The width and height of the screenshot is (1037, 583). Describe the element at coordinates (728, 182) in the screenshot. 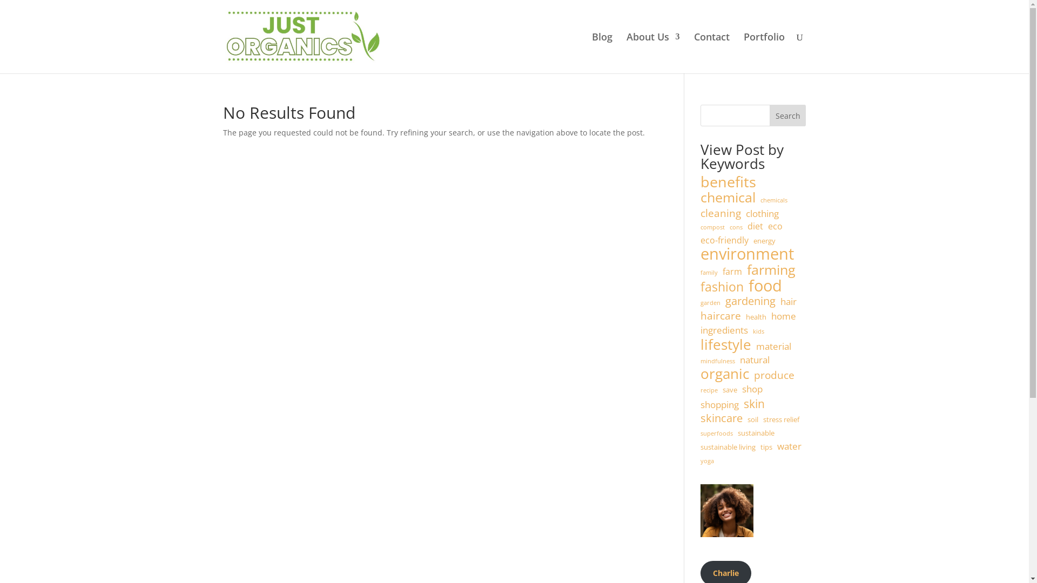

I see `'benefits'` at that location.